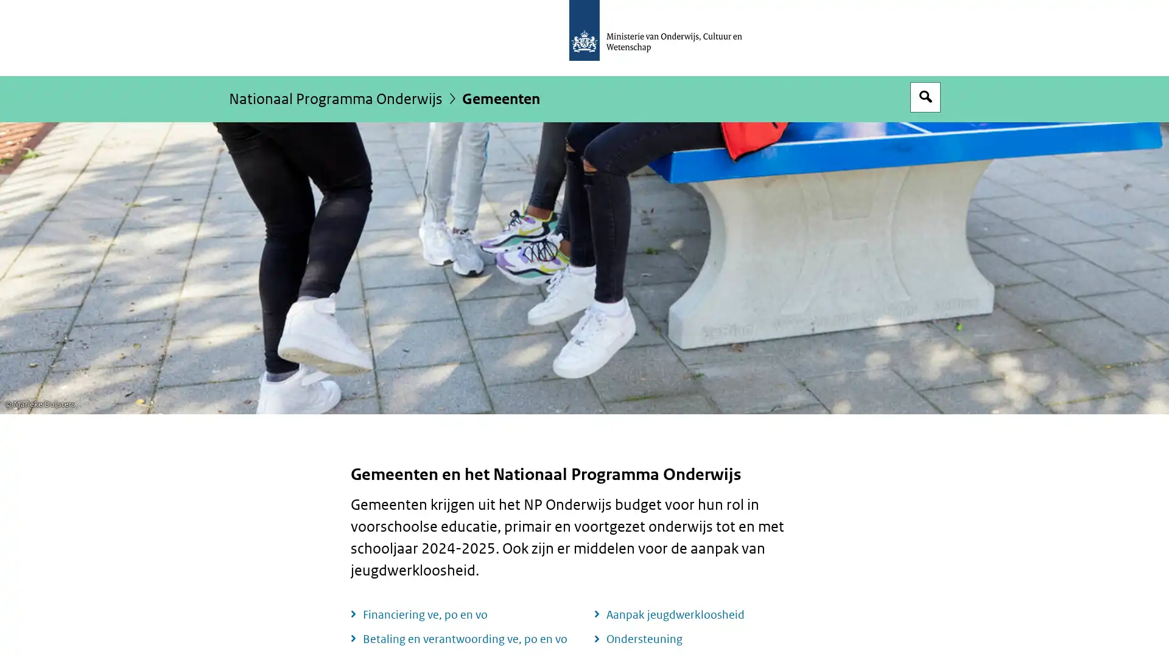  What do you see at coordinates (925, 96) in the screenshot?
I see `Open zoekveld` at bounding box center [925, 96].